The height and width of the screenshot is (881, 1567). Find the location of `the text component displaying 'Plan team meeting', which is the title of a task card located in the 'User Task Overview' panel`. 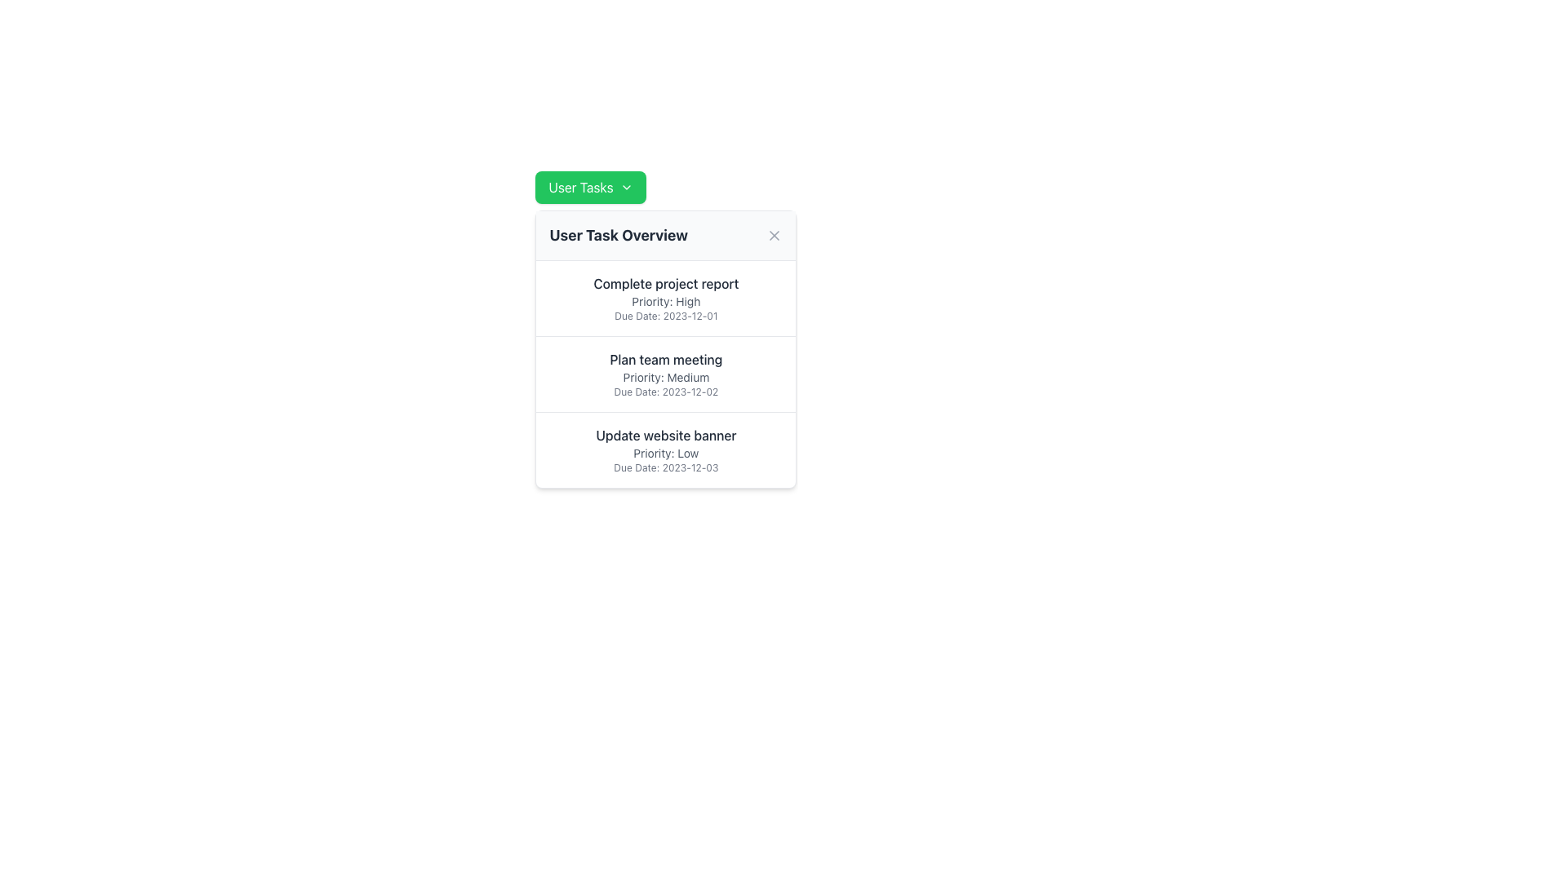

the text component displaying 'Plan team meeting', which is the title of a task card located in the 'User Task Overview' panel is located at coordinates (666, 358).